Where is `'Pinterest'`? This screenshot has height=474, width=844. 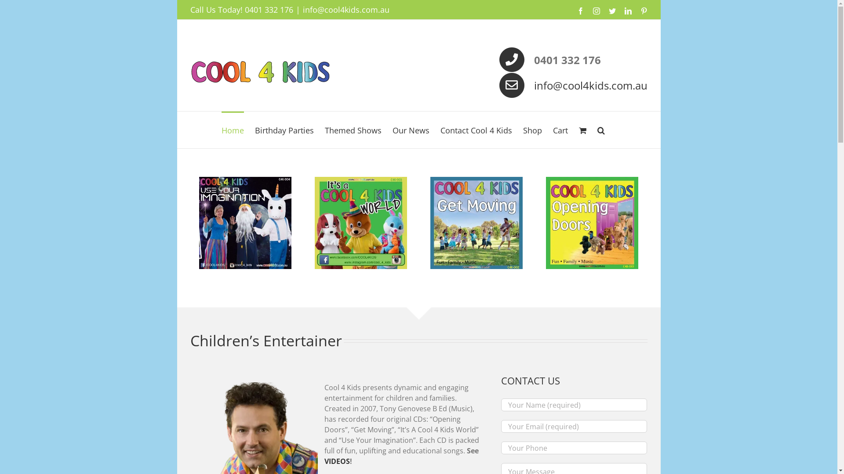 'Pinterest' is located at coordinates (644, 11).